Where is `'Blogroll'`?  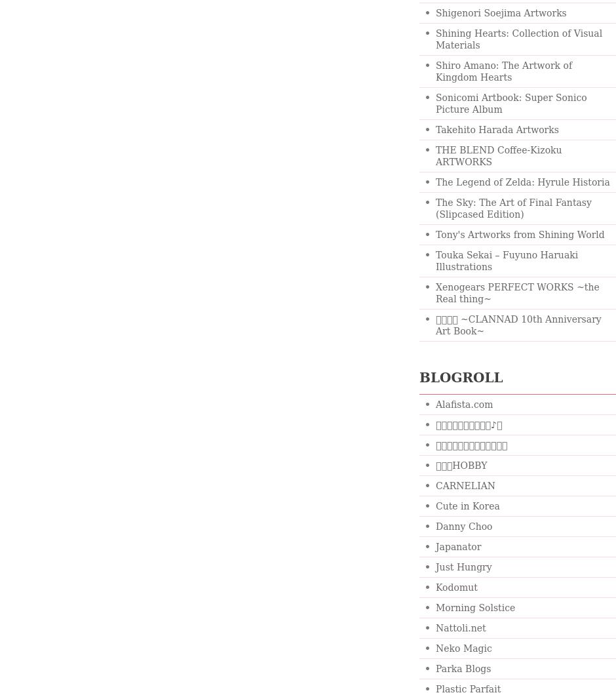 'Blogroll' is located at coordinates (460, 376).